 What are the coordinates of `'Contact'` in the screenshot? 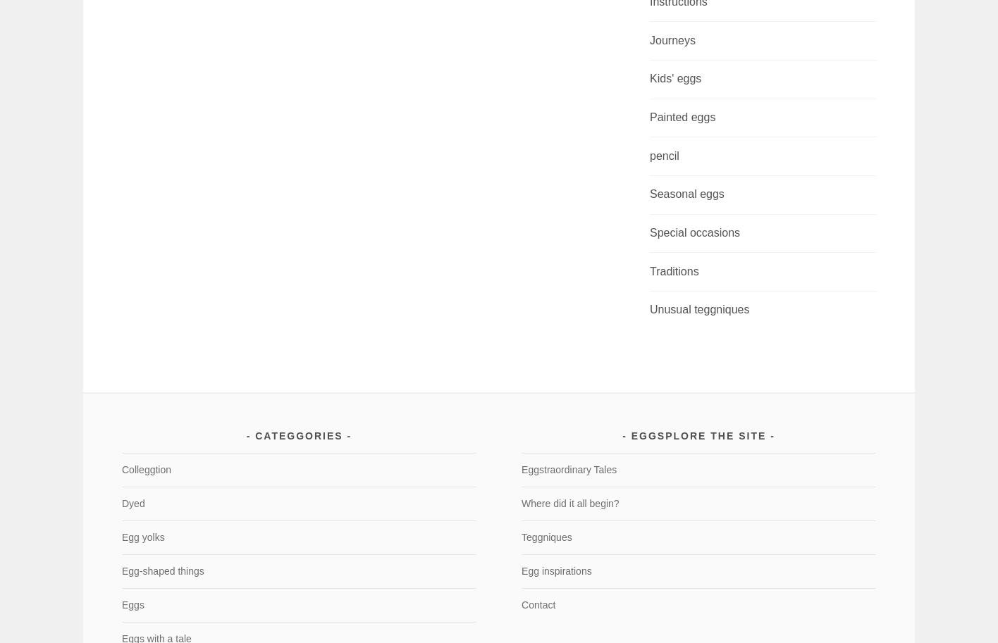 It's located at (538, 604).